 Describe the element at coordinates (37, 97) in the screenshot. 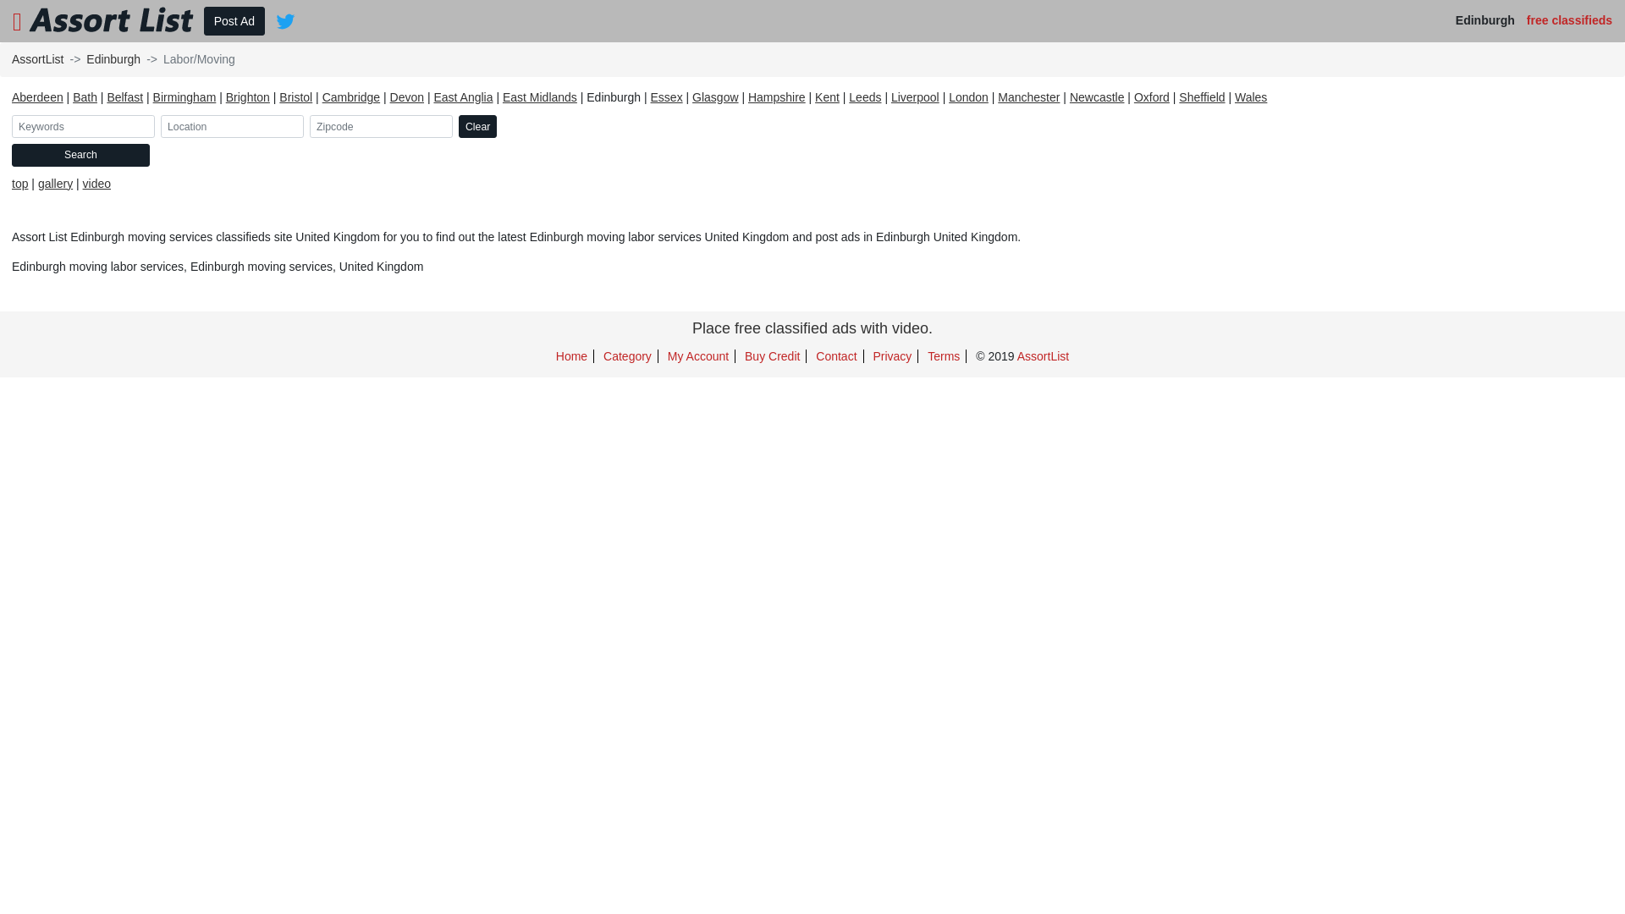

I see `'Aberdeen'` at that location.